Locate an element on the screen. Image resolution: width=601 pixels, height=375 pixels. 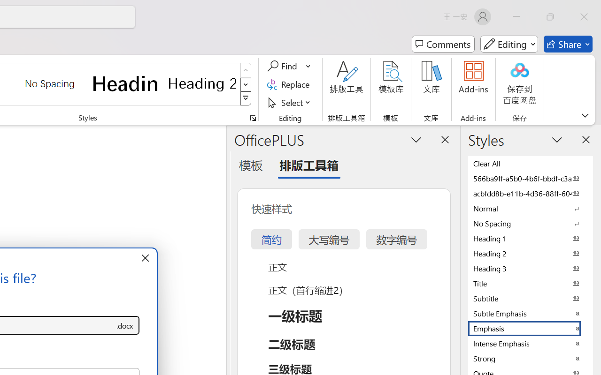
'Comments' is located at coordinates (443, 44).